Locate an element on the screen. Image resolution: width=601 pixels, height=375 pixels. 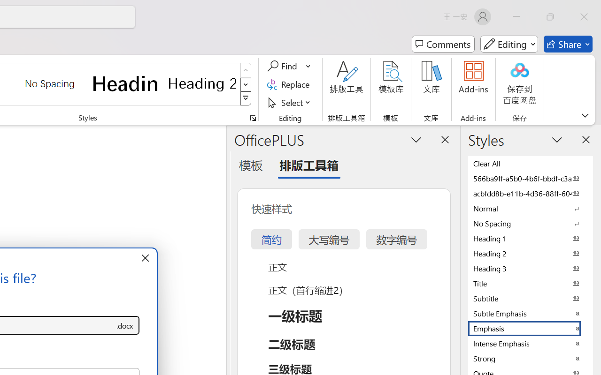
'Comments' is located at coordinates (443, 44).